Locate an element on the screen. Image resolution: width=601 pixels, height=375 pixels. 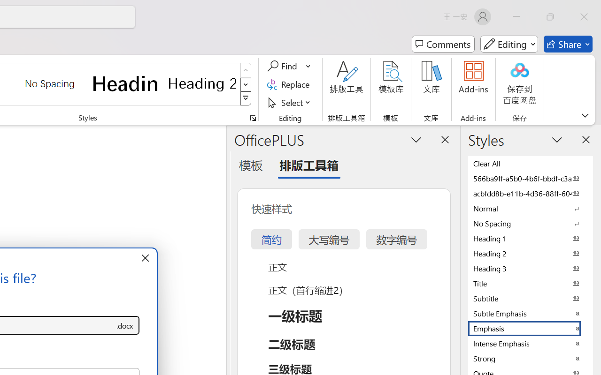
'Comments' is located at coordinates (443, 44).